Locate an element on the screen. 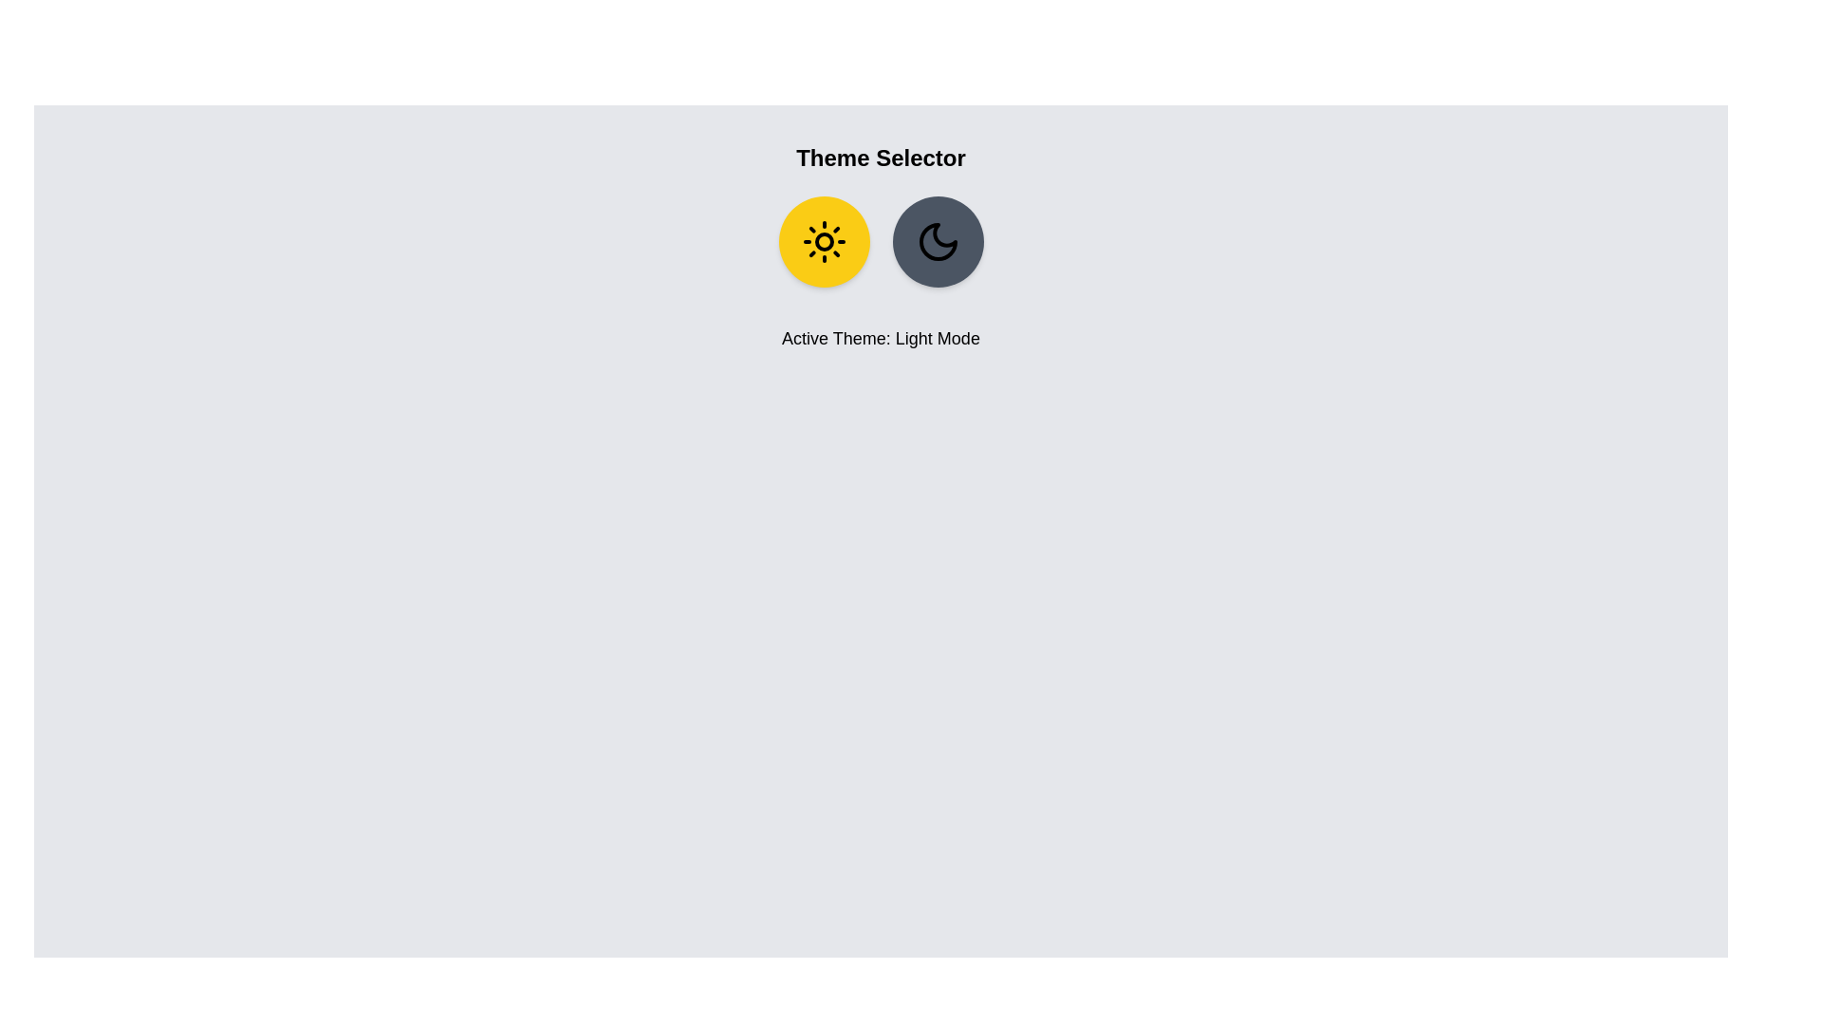 The height and width of the screenshot is (1025, 1822). the moon button to observe the hover effect is located at coordinates (938, 240).